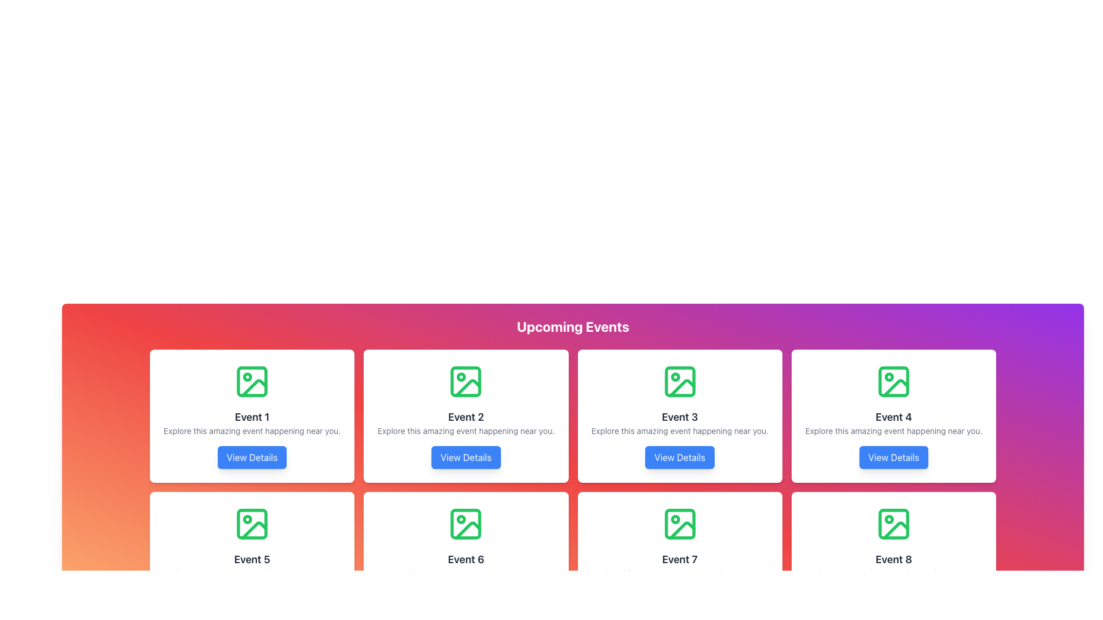 The height and width of the screenshot is (620, 1103). What do you see at coordinates (461, 520) in the screenshot?
I see `the small circle icon located in the middle region of the card labeled 'Event 6', which has a green pictorial representation of an image` at bounding box center [461, 520].